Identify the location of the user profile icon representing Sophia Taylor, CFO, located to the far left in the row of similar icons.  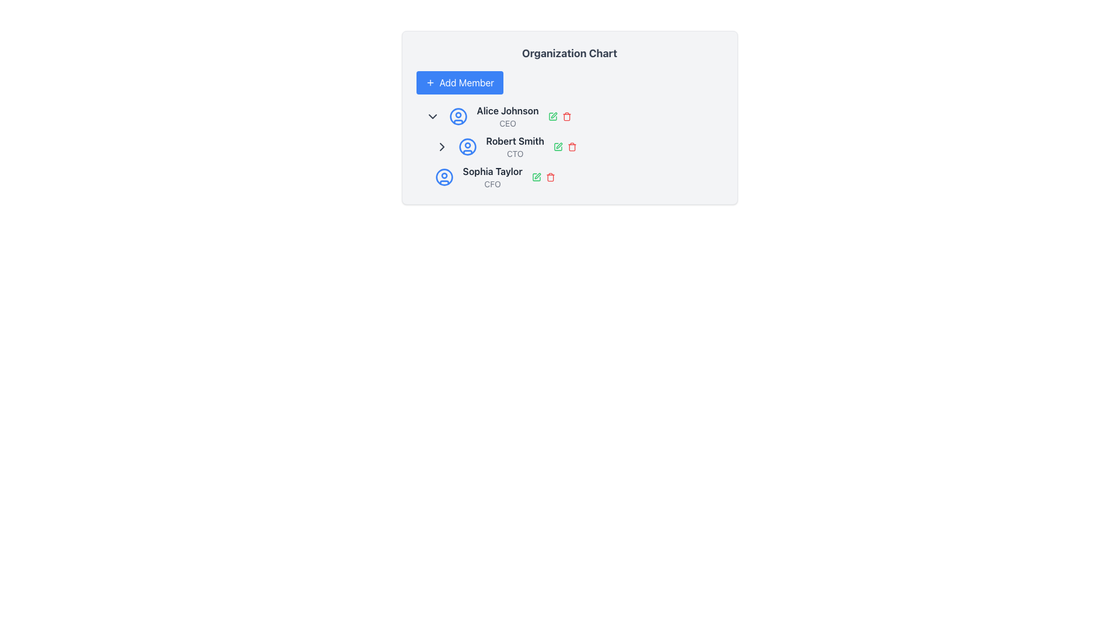
(443, 177).